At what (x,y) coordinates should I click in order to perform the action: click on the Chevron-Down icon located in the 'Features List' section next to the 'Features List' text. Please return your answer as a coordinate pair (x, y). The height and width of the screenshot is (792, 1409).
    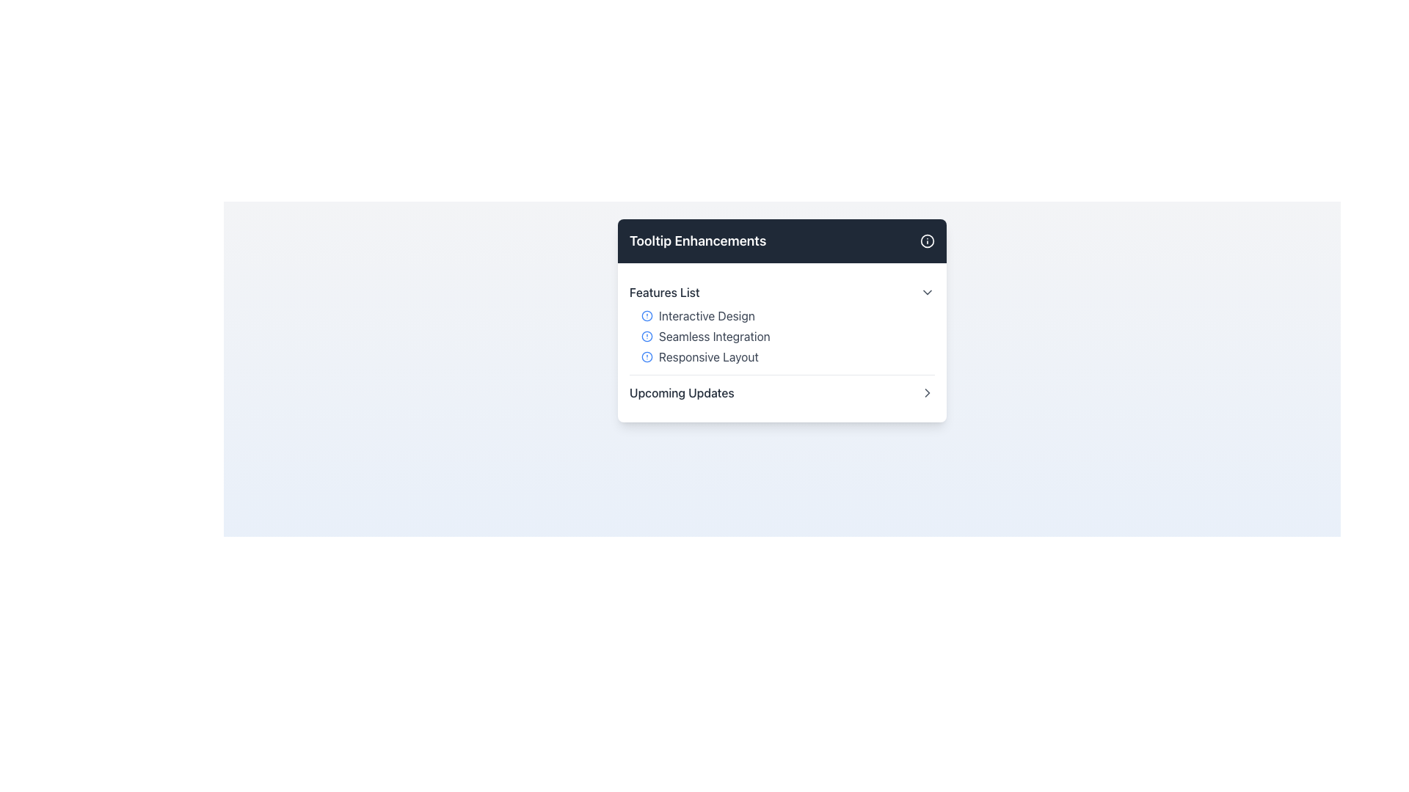
    Looking at the image, I should click on (926, 292).